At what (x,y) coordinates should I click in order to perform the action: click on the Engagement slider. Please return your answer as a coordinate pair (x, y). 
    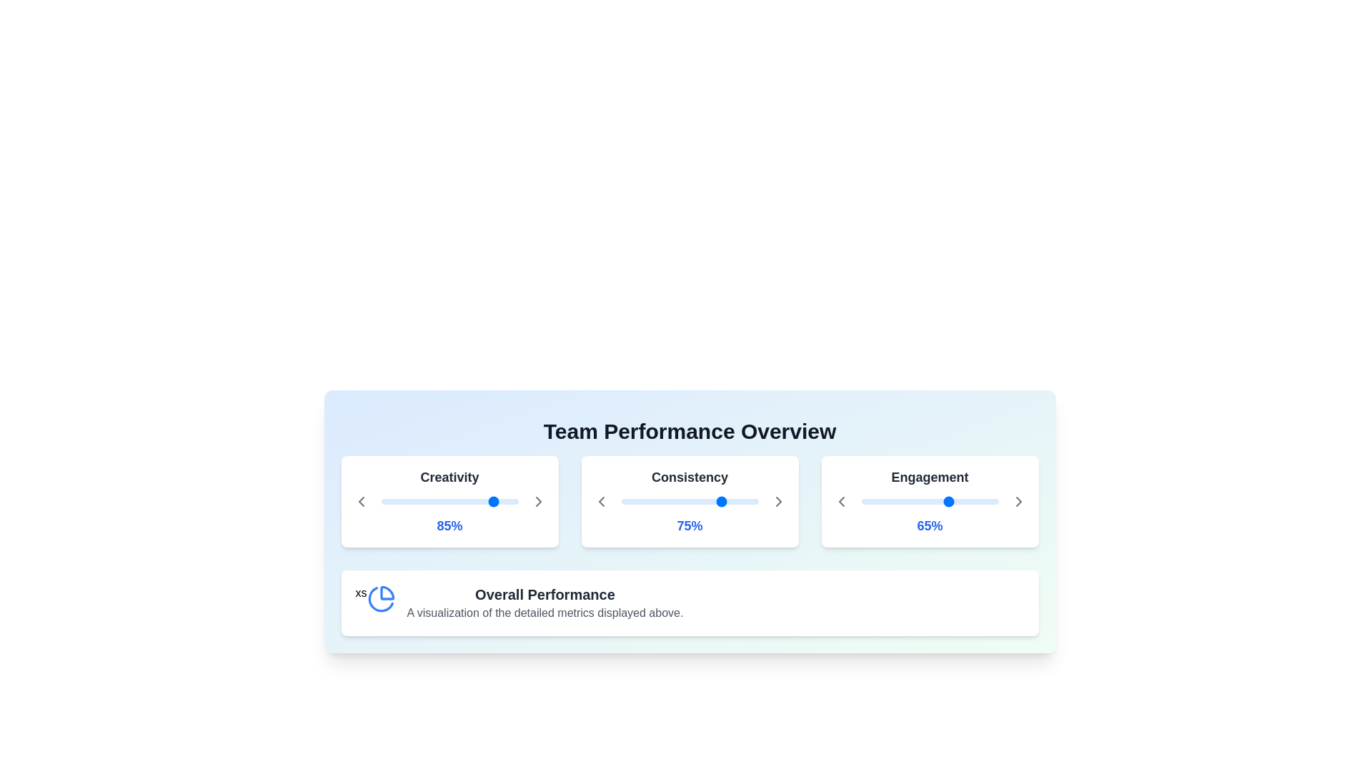
    Looking at the image, I should click on (990, 501).